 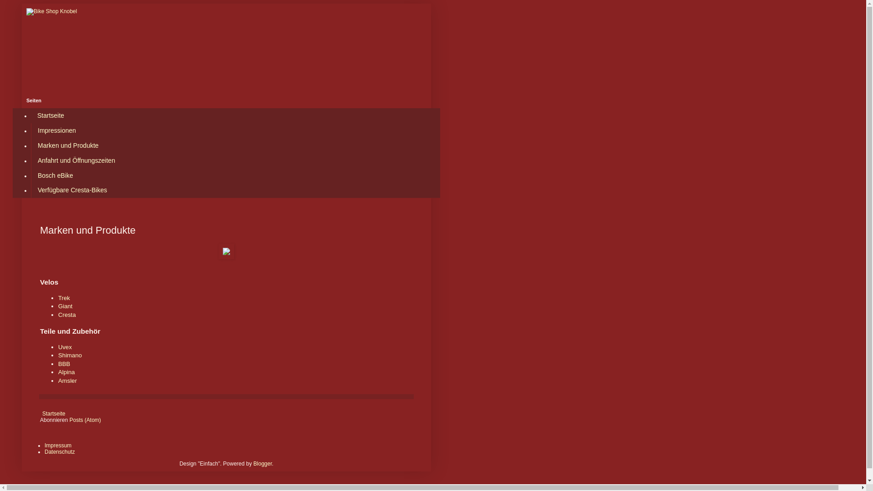 What do you see at coordinates (65, 347) in the screenshot?
I see `'Uvex'` at bounding box center [65, 347].